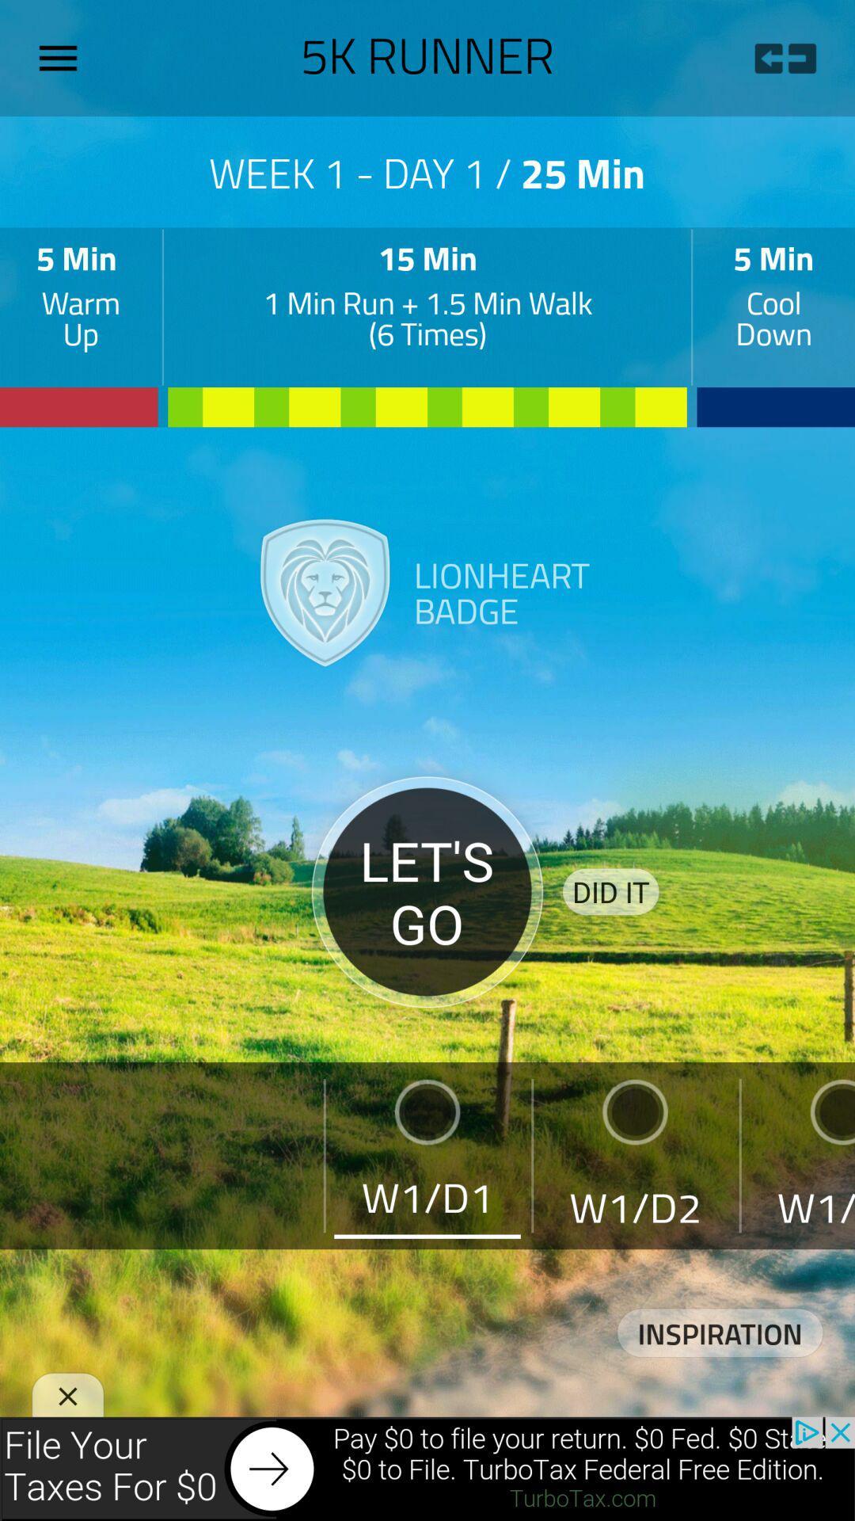  What do you see at coordinates (63, 58) in the screenshot?
I see `menu` at bounding box center [63, 58].